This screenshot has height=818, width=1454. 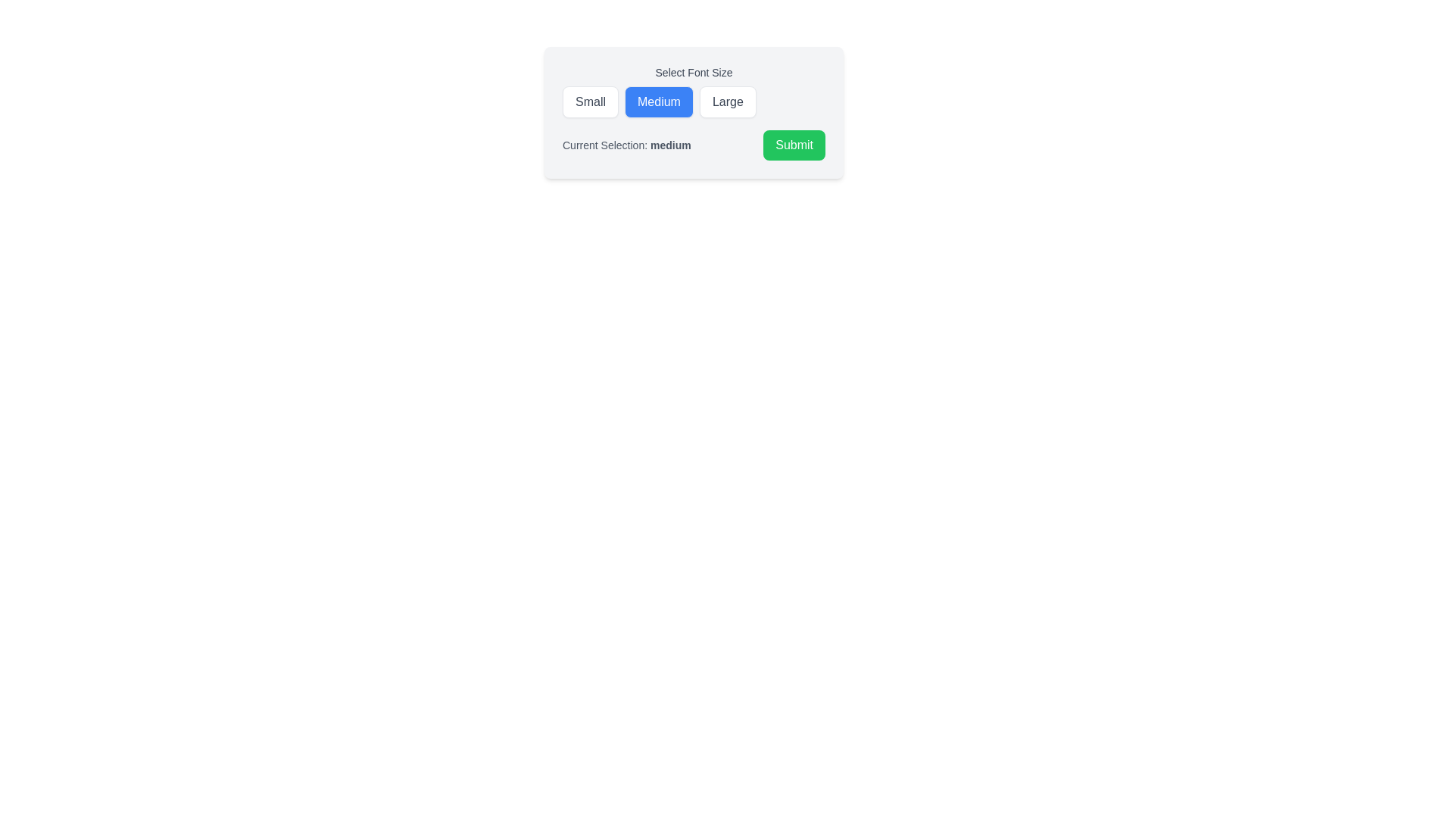 What do you see at coordinates (589, 102) in the screenshot?
I see `the 'Small' button, which has a white background, gray text, and is the first button under 'Select Font Size'` at bounding box center [589, 102].